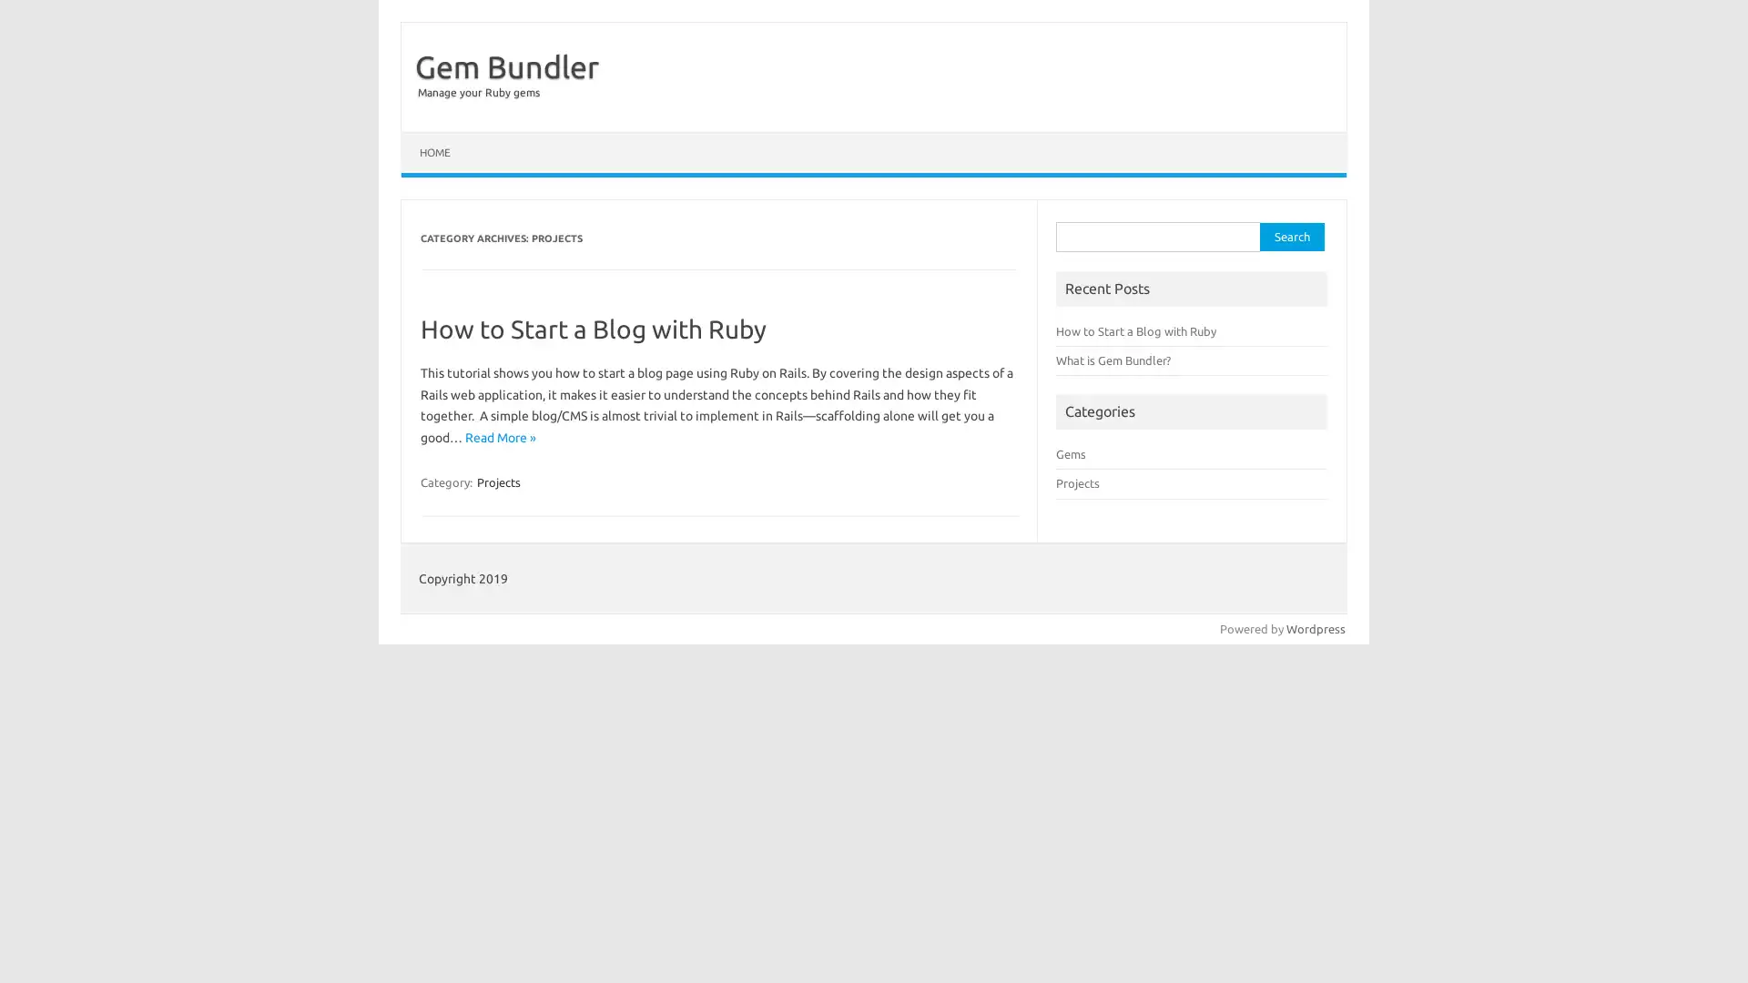 This screenshot has height=983, width=1748. I want to click on Search, so click(1291, 236).